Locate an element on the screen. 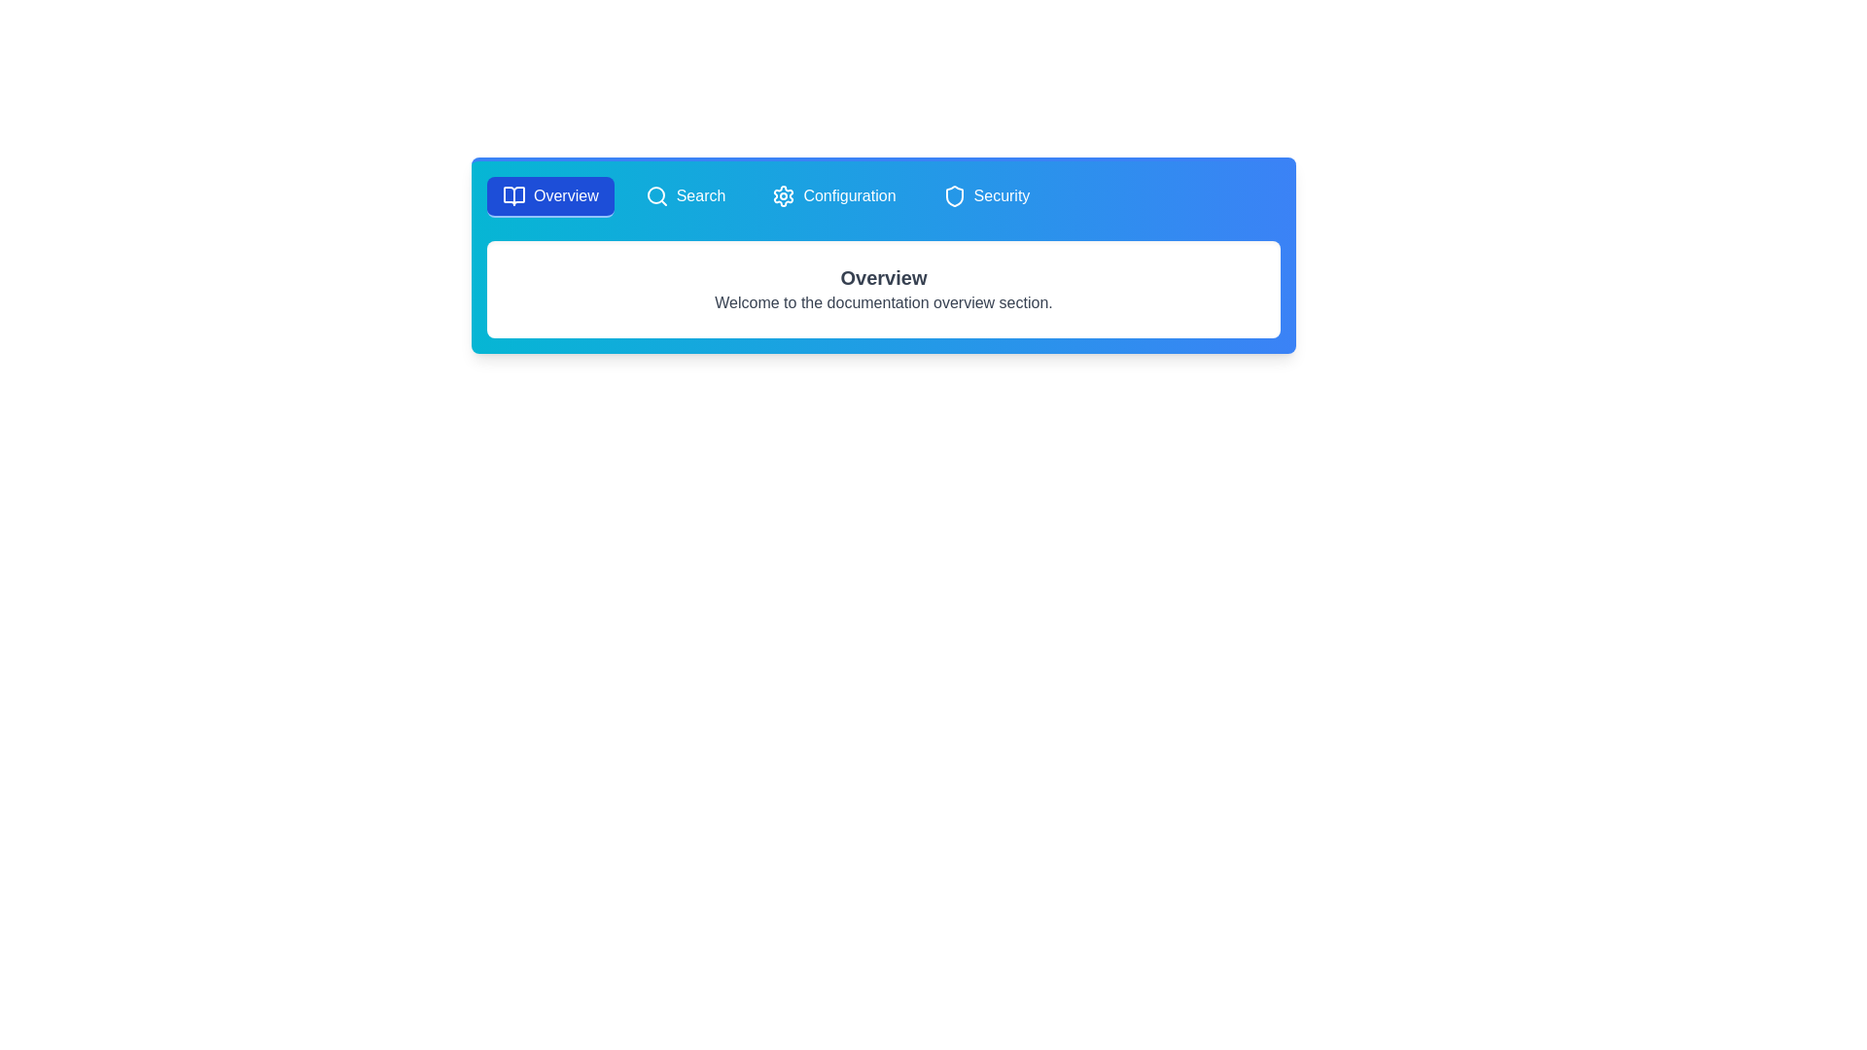  the open book icon in the 'Overview' section of the navigation bar is located at coordinates (513, 195).